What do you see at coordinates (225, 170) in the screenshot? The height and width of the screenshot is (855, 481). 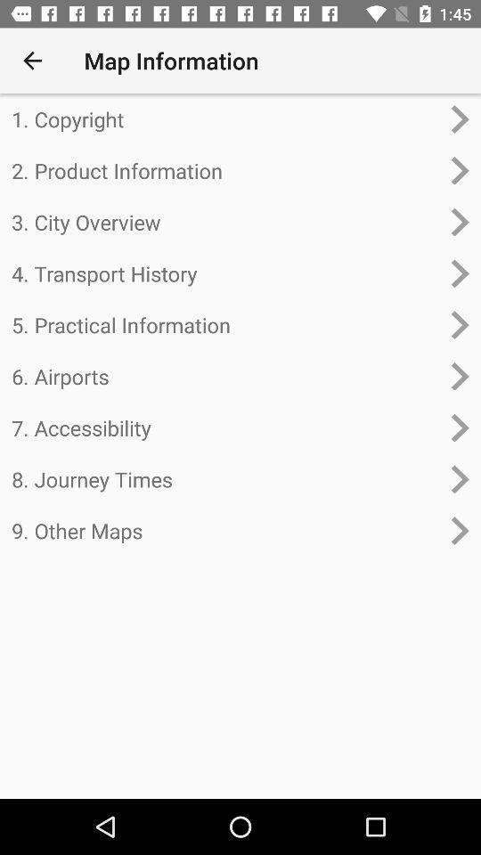 I see `the 2. product information icon` at bounding box center [225, 170].